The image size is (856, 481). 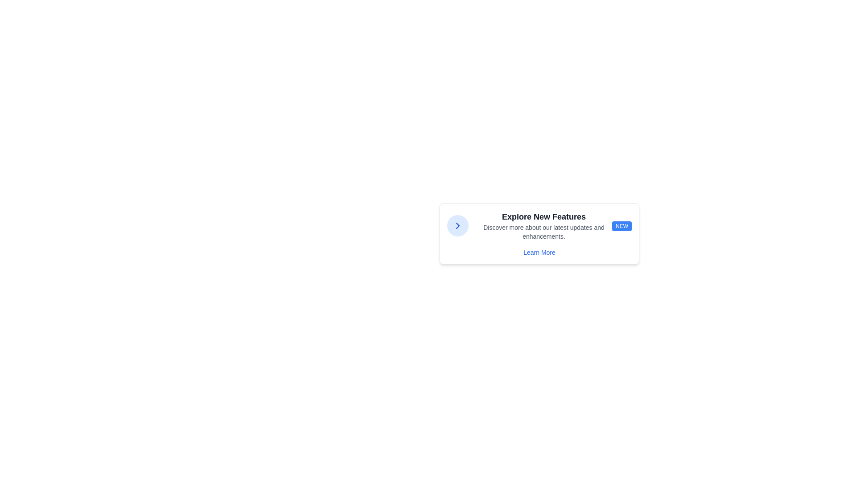 What do you see at coordinates (539, 253) in the screenshot?
I see `the 'Learn More' hyperlink, which is a blue text link at the bottom of a white card interface` at bounding box center [539, 253].